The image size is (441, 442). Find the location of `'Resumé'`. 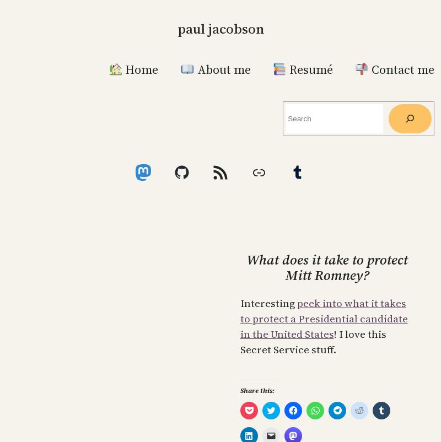

'Resumé' is located at coordinates (286, 68).